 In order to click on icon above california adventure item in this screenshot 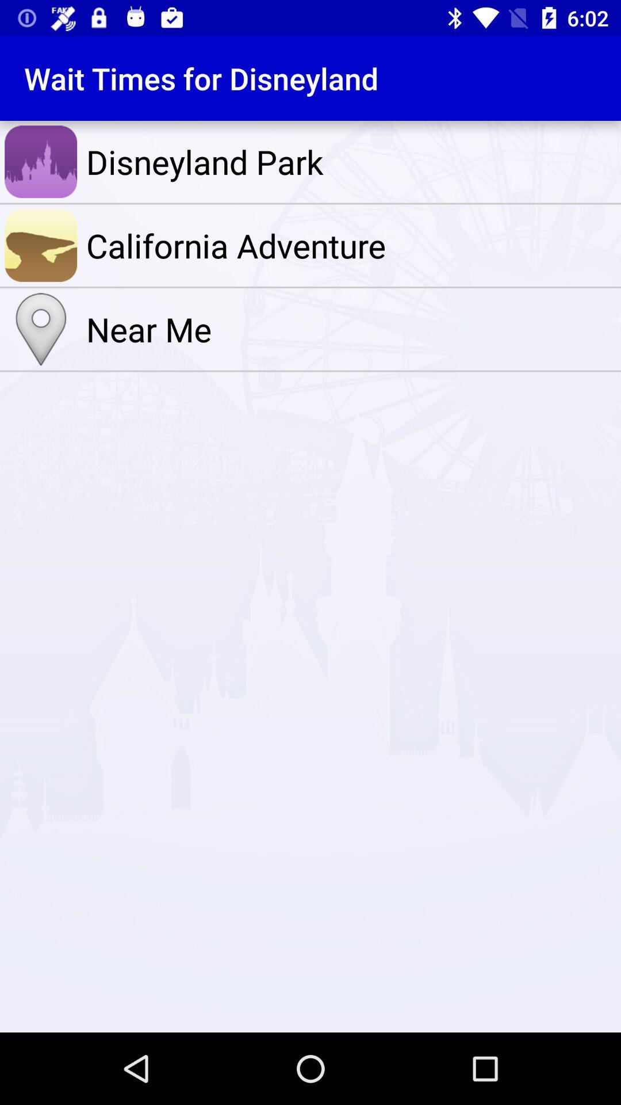, I will do `click(350, 161)`.